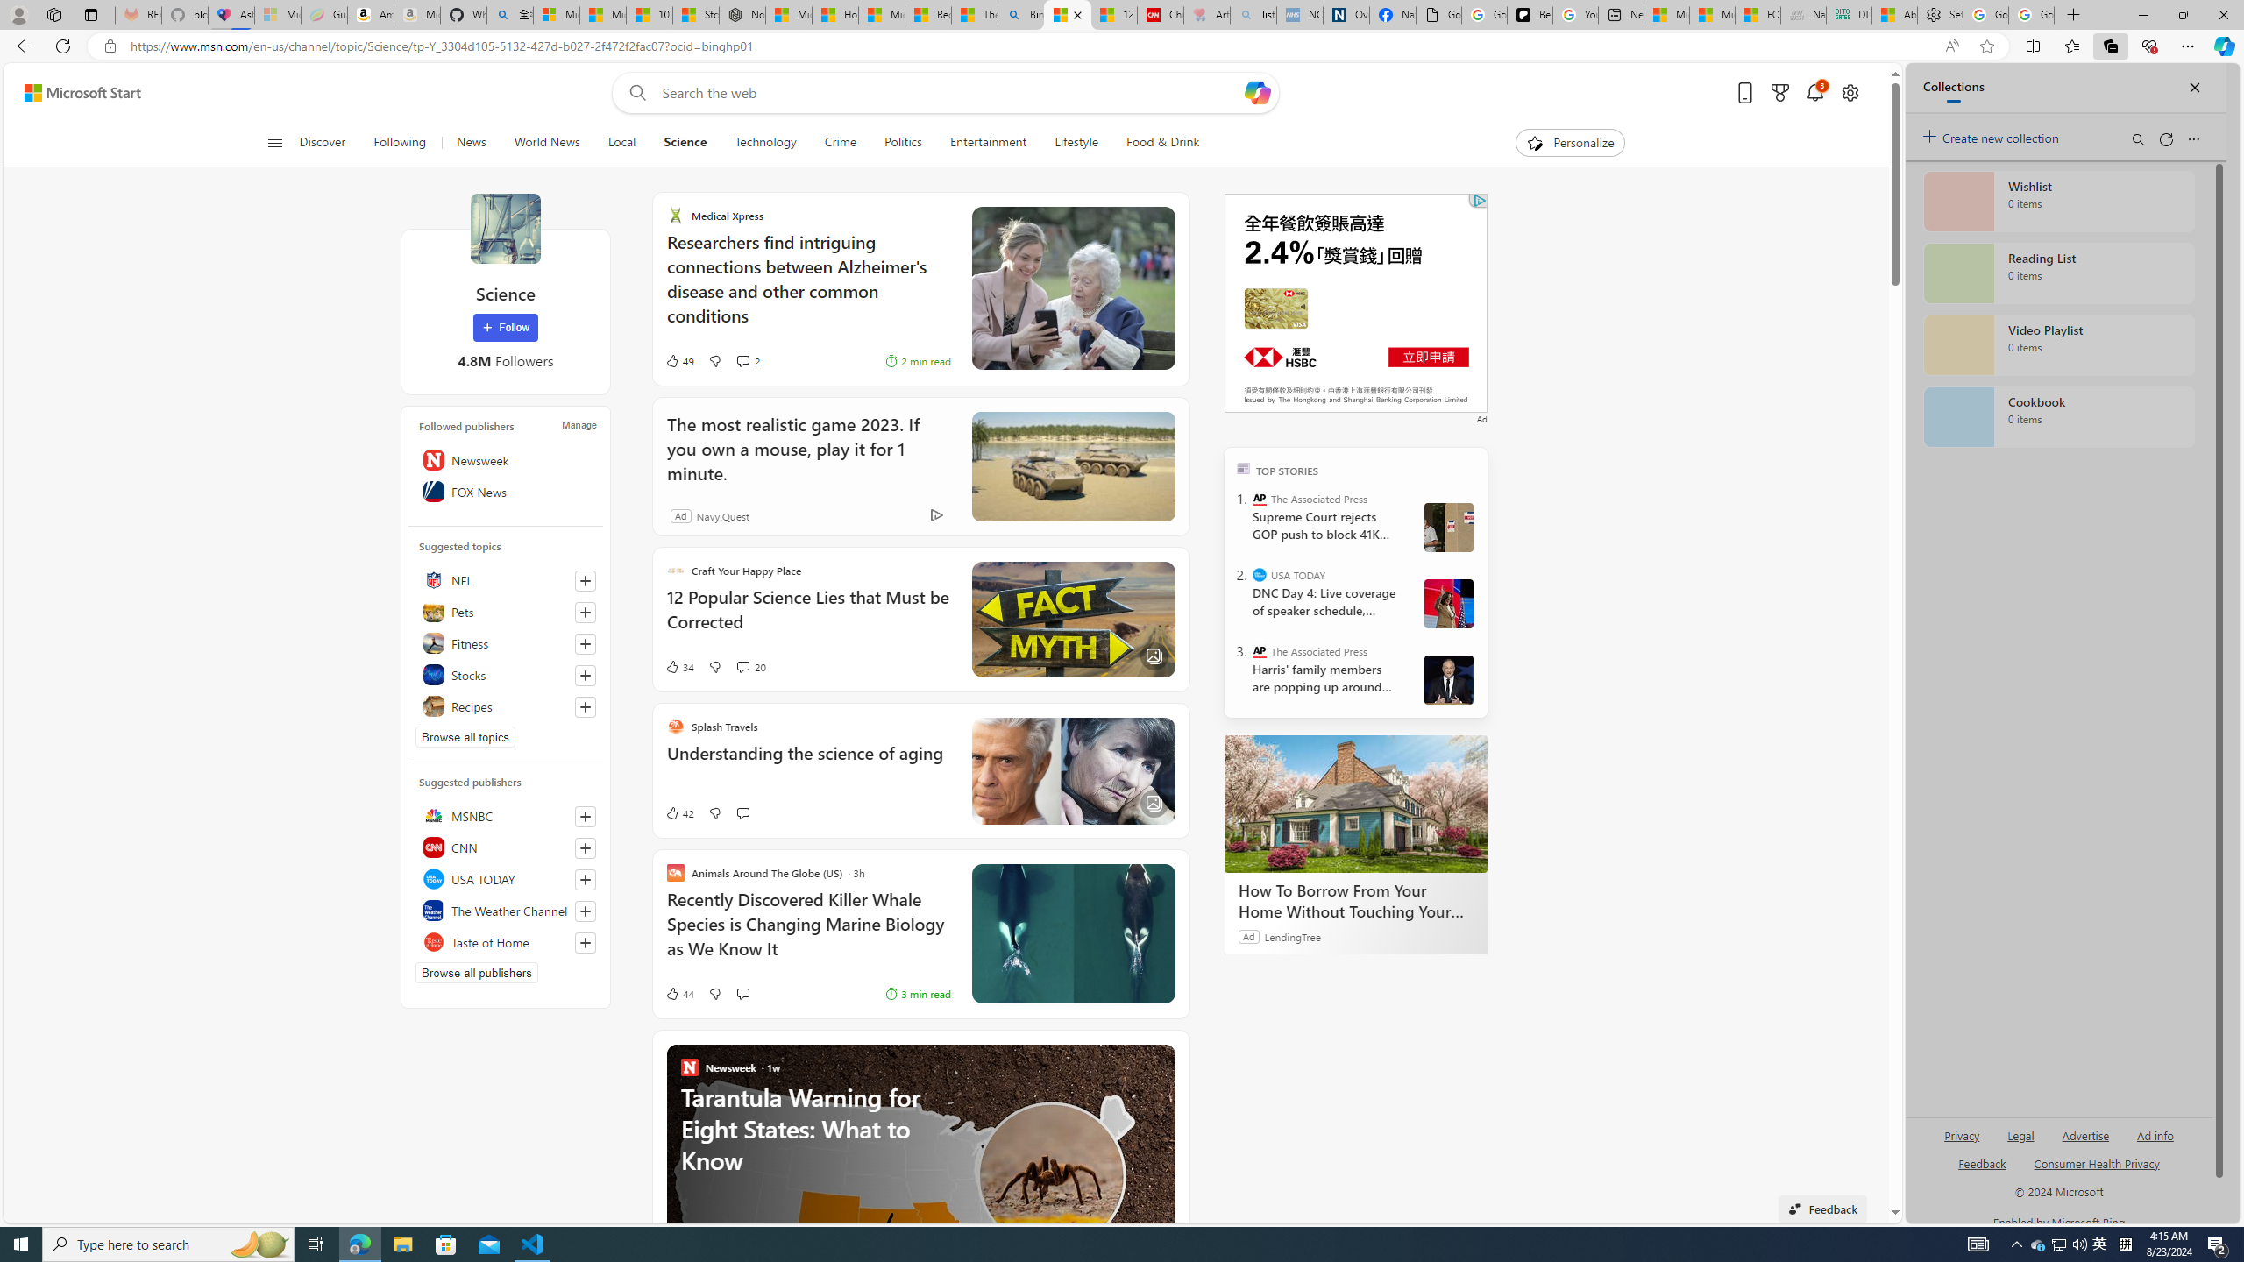 The image size is (2244, 1262). I want to click on 'AutomationID: genId96', so click(1980, 1169).